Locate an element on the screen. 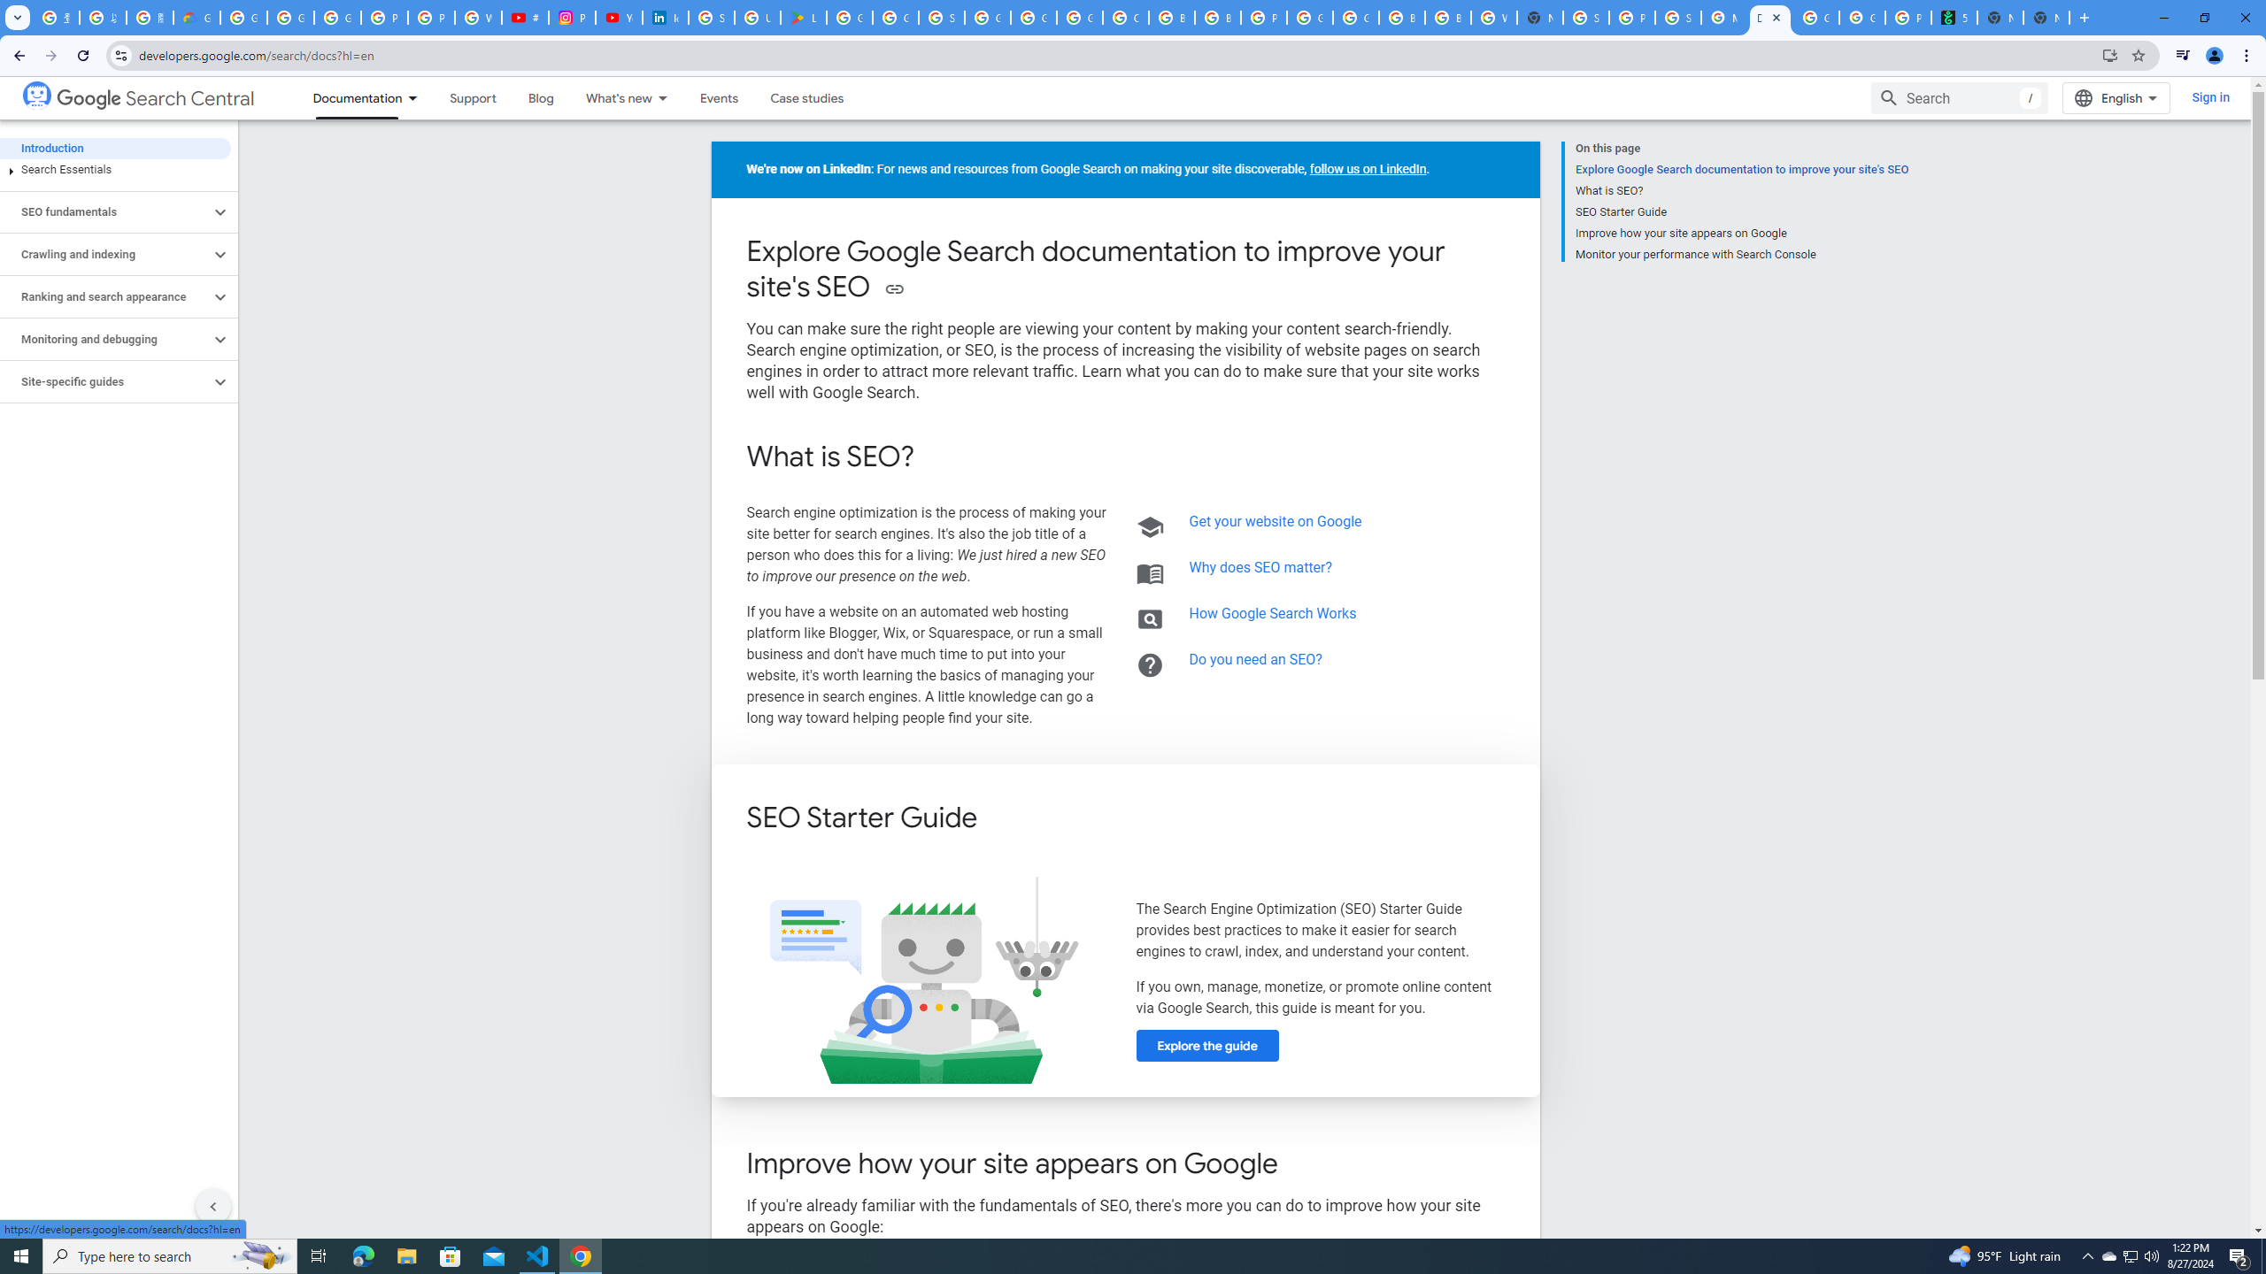 This screenshot has width=2266, height=1274. 'Copy link to this section: What is SEO? ' is located at coordinates (937, 457).